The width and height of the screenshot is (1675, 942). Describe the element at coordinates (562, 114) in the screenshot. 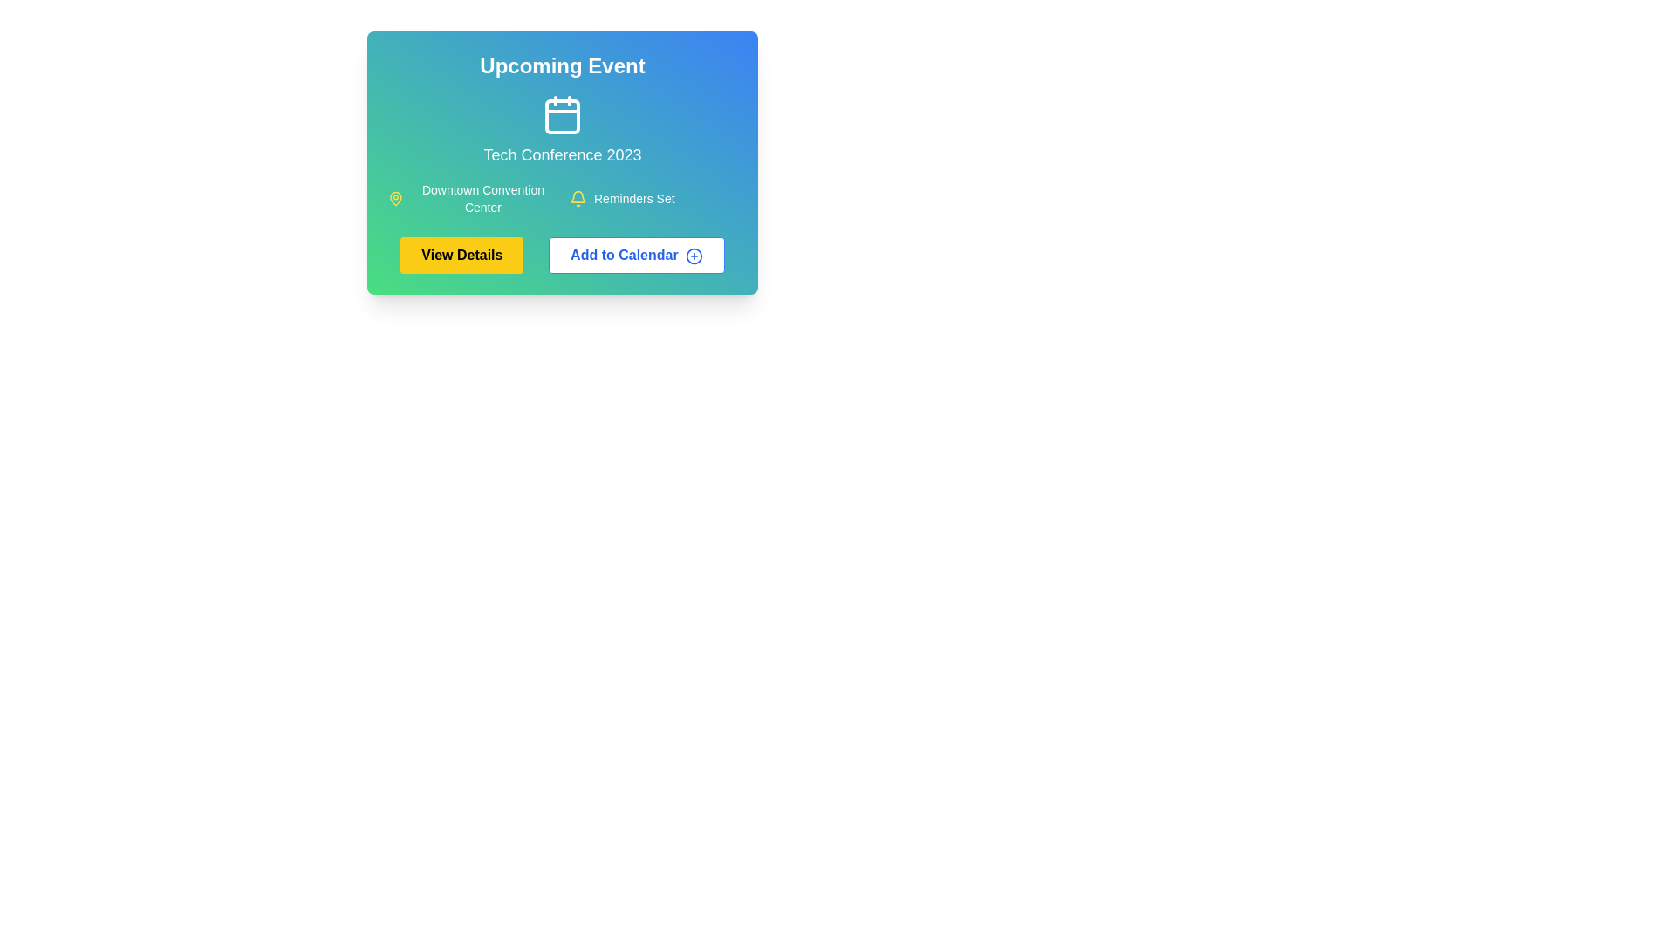

I see `the calendar icon at the top center of the section, which is styled with a white stroke and represents event details for 'Tech Conference 2023'` at that location.